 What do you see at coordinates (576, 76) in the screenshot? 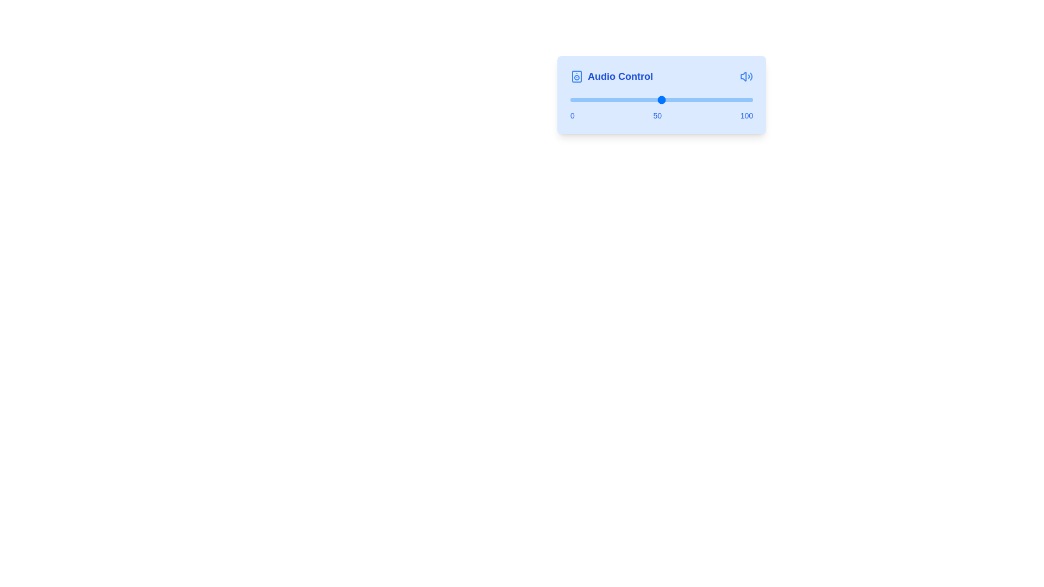
I see `the blue-stroked speaker icon located to the left of the 'Audio Control' text` at bounding box center [576, 76].